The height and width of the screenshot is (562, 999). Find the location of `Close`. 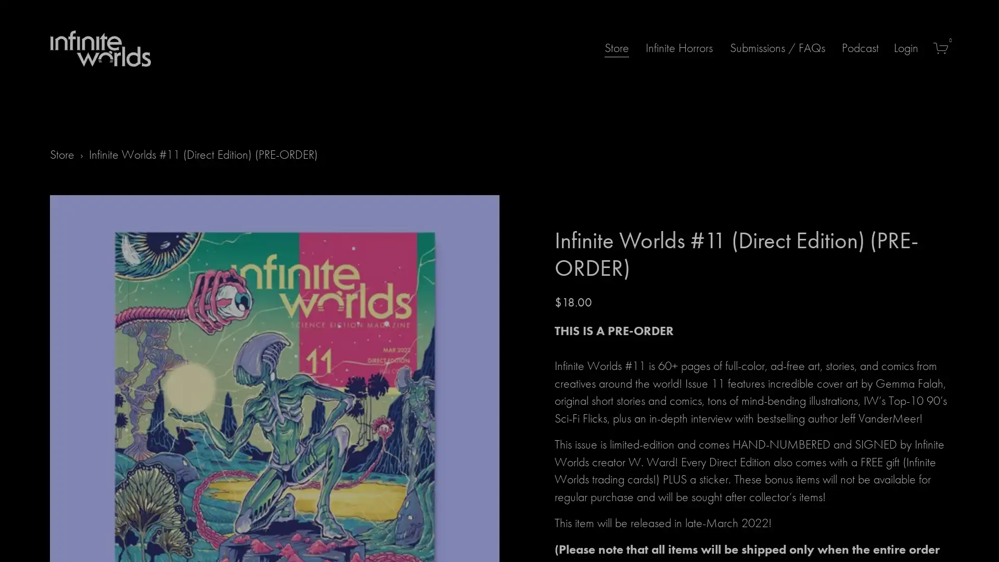

Close is located at coordinates (644, 188).